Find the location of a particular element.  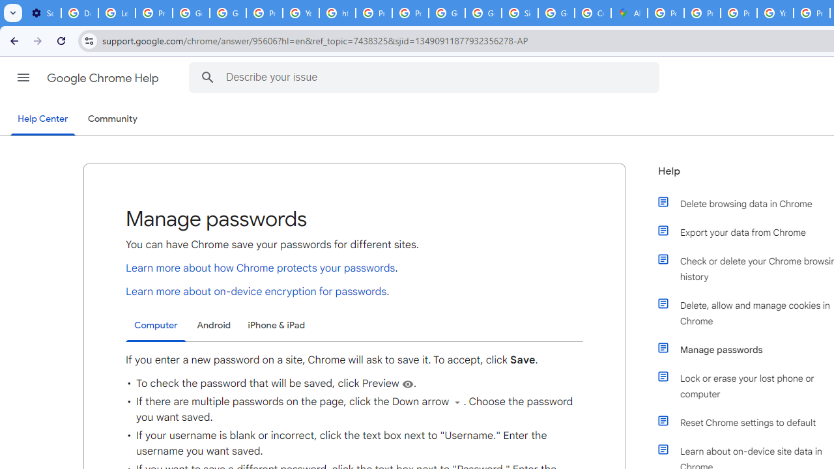

'iPhone & iPad' is located at coordinates (276, 324).